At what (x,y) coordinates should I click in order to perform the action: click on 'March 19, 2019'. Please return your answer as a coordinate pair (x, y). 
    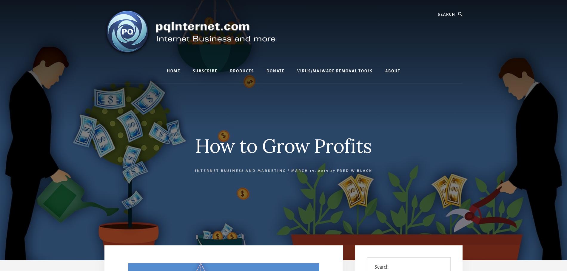
    Looking at the image, I should click on (291, 170).